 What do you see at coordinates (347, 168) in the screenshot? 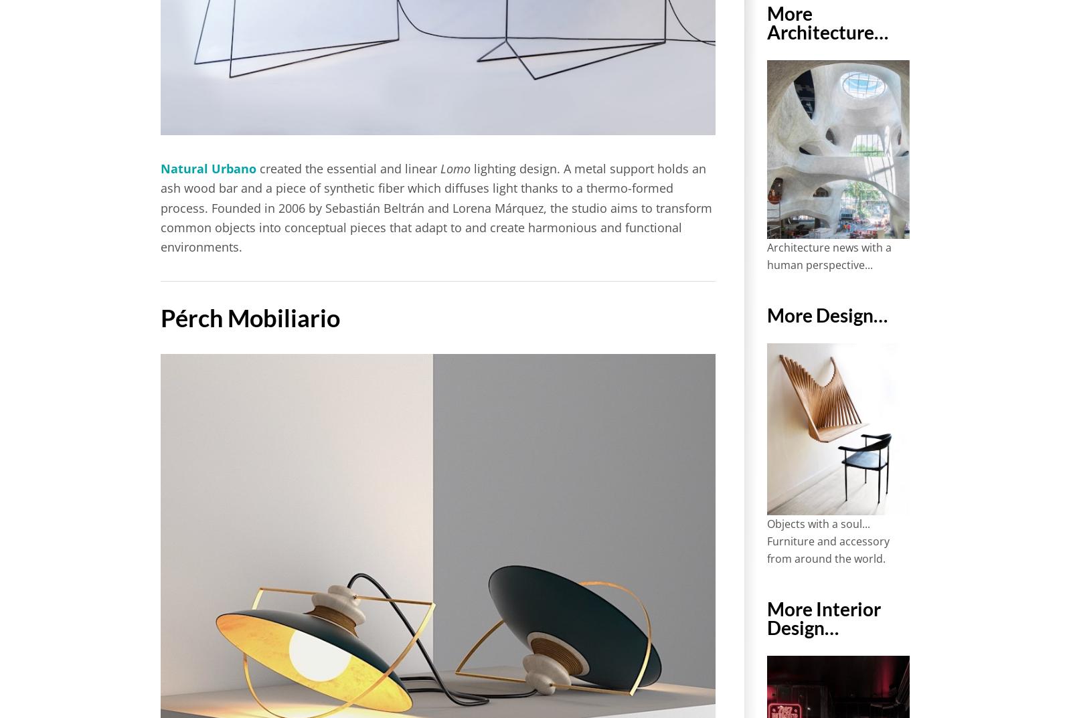
I see `'created the essential and linear'` at bounding box center [347, 168].